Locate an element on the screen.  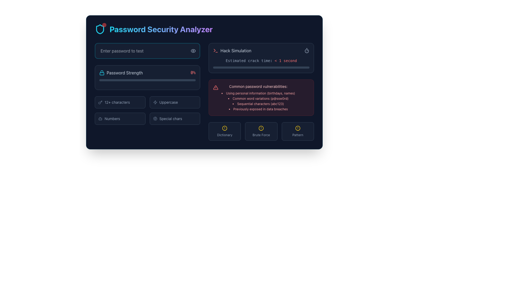
the progress bar change in the Password strength indicator located below the password input field, which visually indicates the strength of the password with a numeric value and graphical bar is located at coordinates (147, 91).